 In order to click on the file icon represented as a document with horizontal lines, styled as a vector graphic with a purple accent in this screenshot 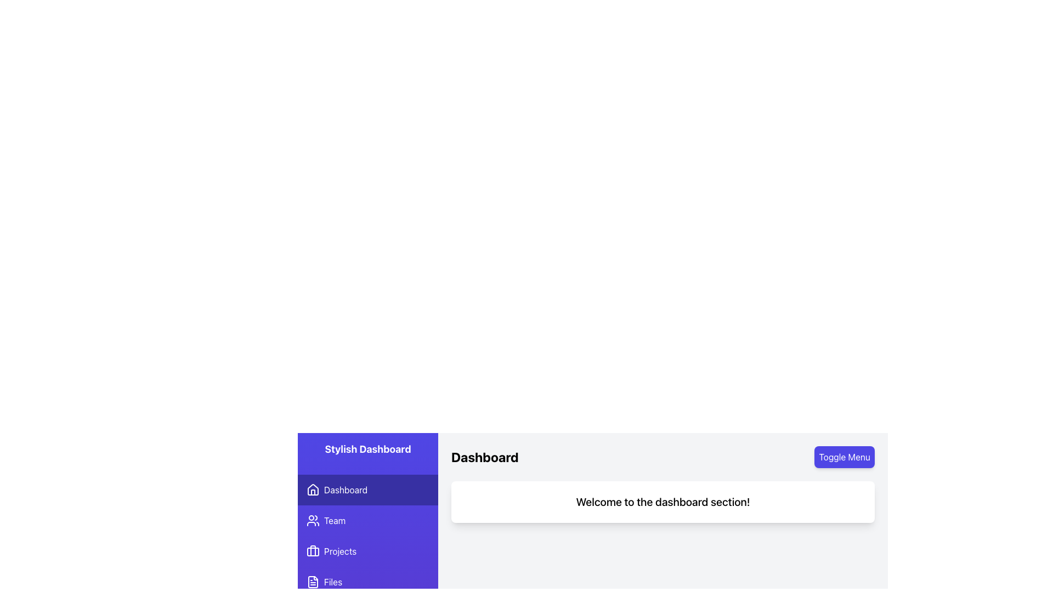, I will do `click(313, 581)`.